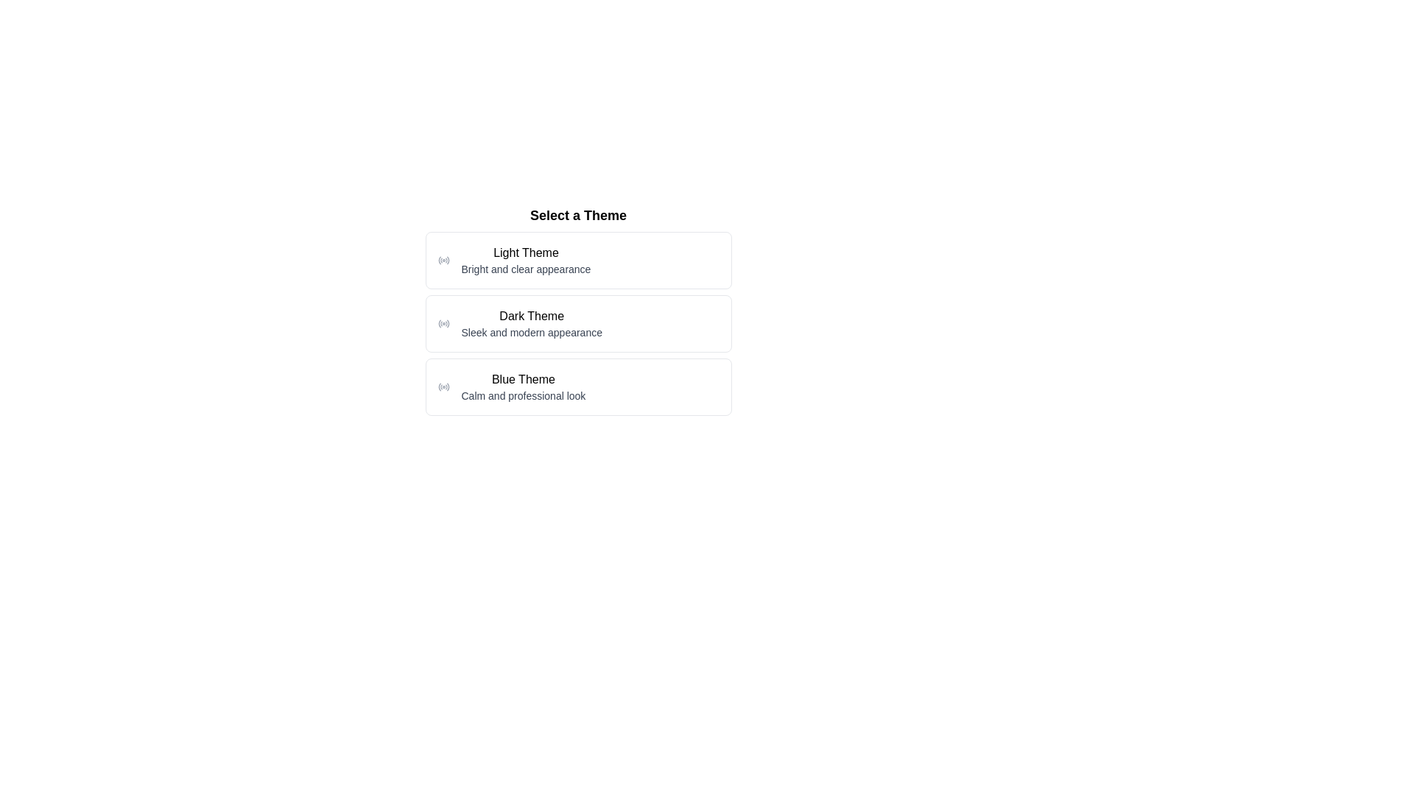 The image size is (1414, 795). What do you see at coordinates (526, 252) in the screenshot?
I see `the static text label that serves as a title for the 'Light Theme' option, visually distinguishing it from the detailed description below` at bounding box center [526, 252].